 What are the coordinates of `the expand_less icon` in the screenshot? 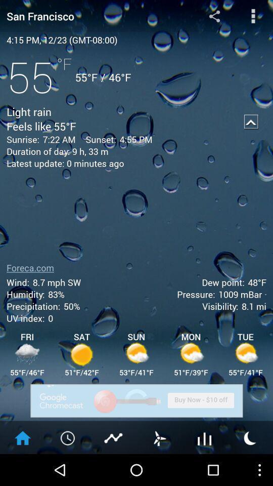 It's located at (251, 130).